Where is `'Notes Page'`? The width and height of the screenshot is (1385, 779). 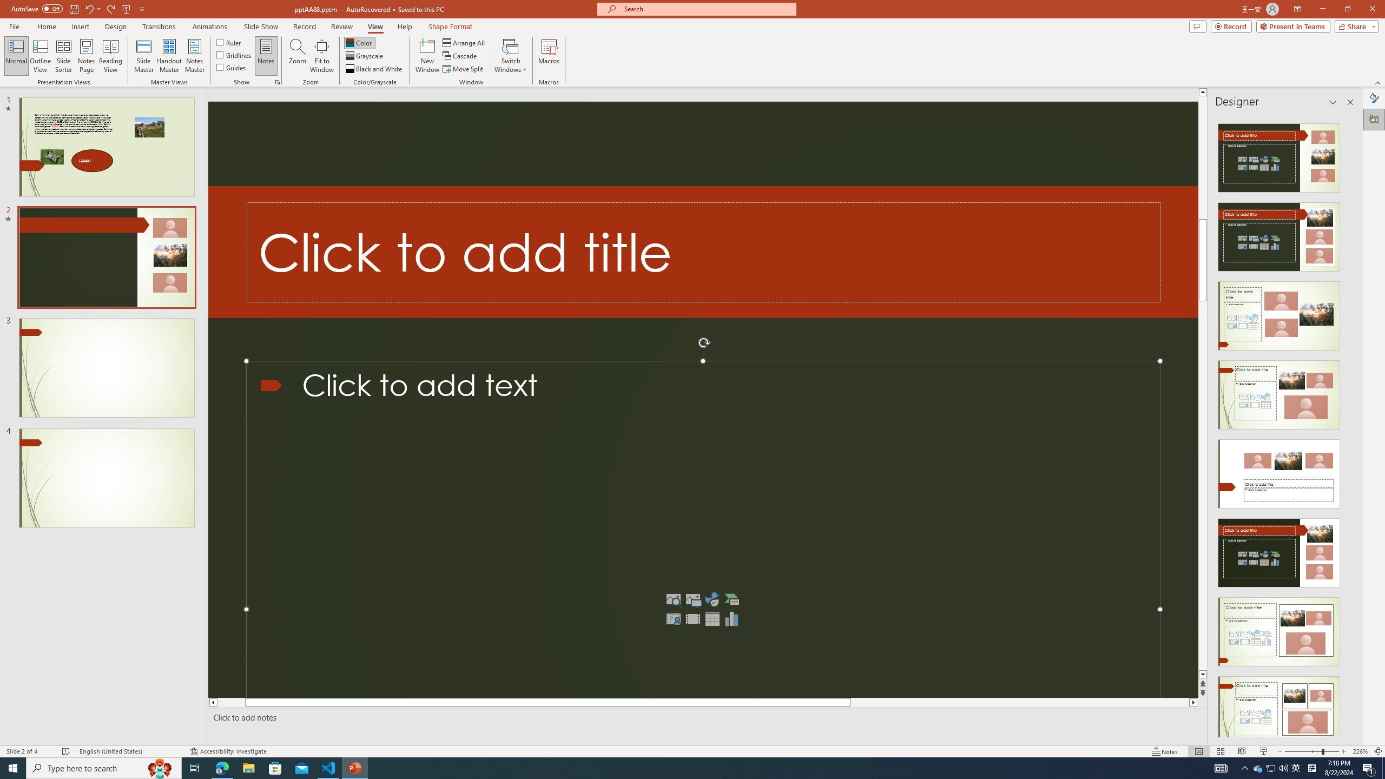 'Notes Page' is located at coordinates (86, 56).